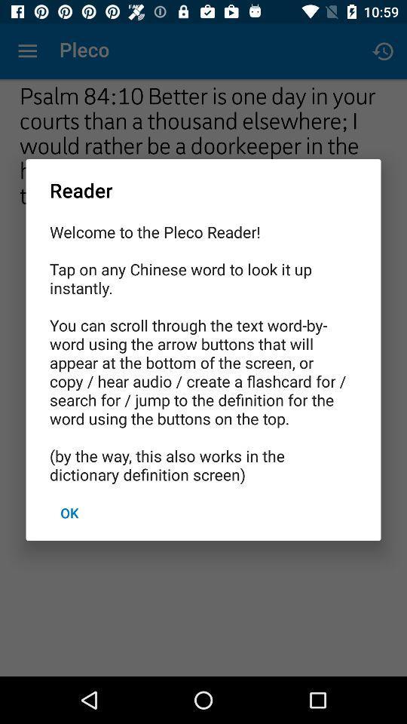 This screenshot has width=407, height=724. I want to click on item below welcome to the, so click(69, 513).